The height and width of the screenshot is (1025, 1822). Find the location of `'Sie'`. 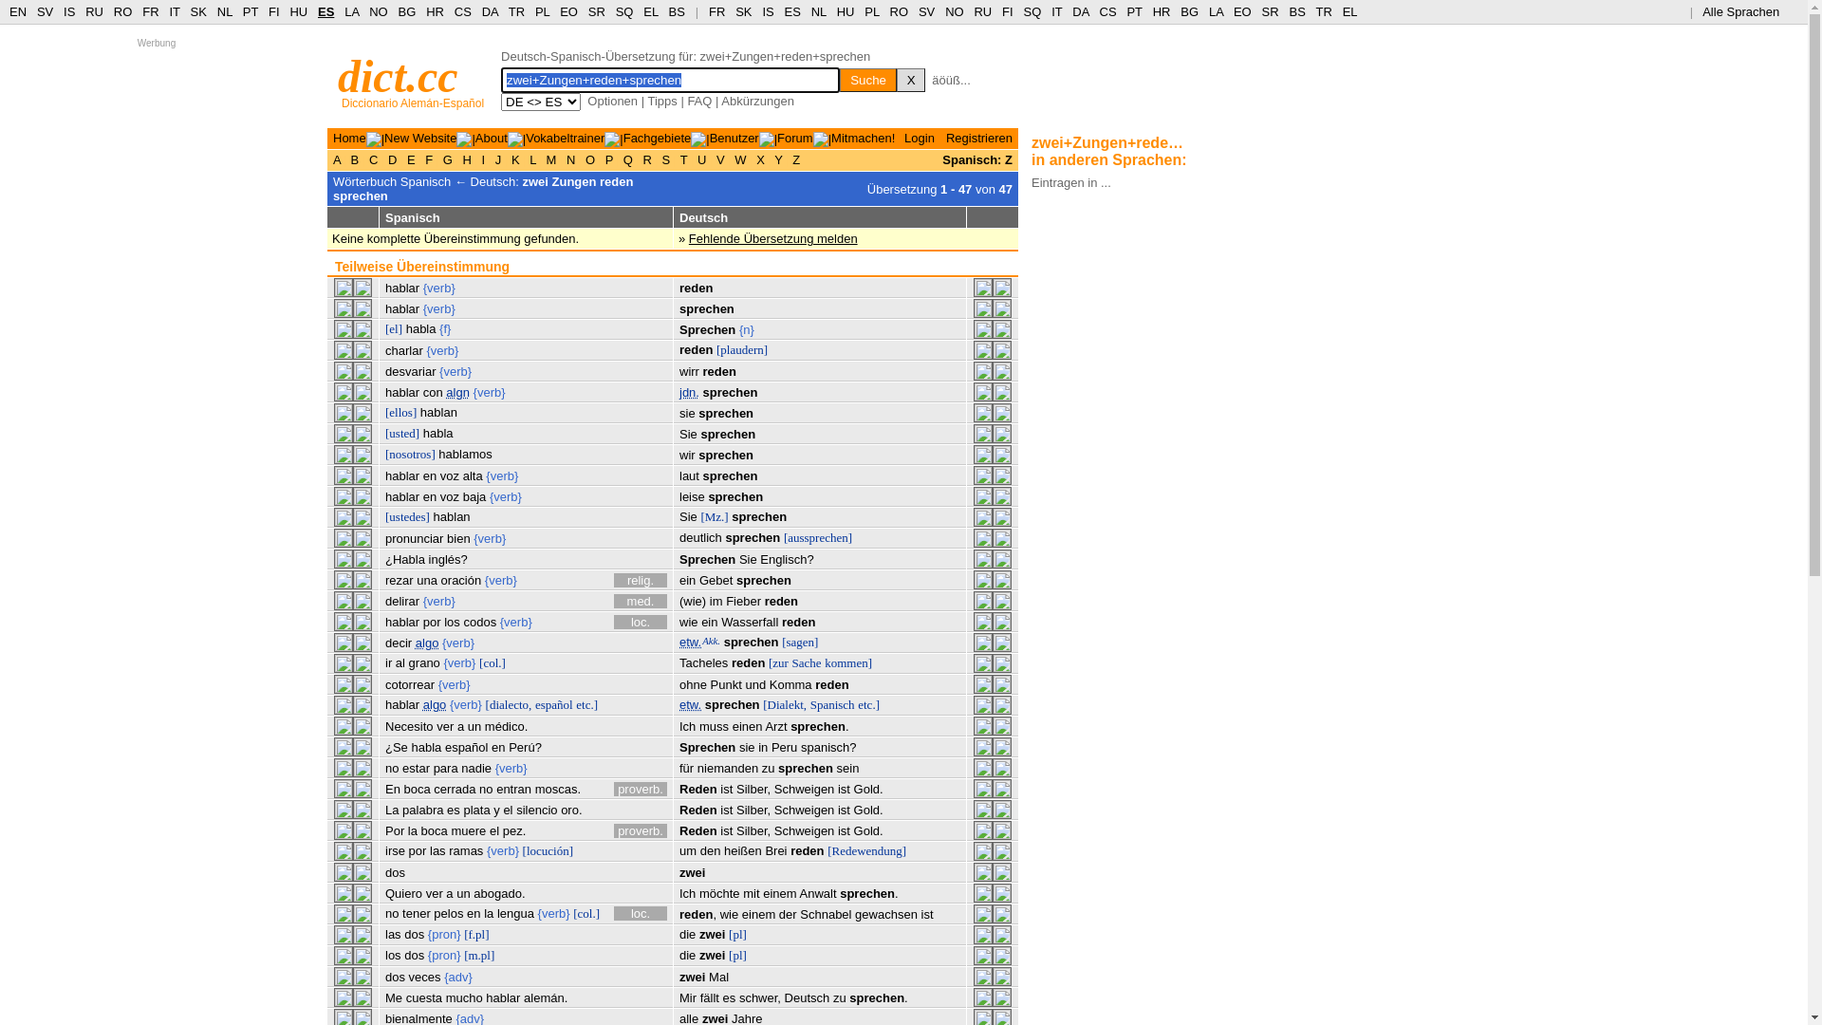

'Sie' is located at coordinates (737, 558).